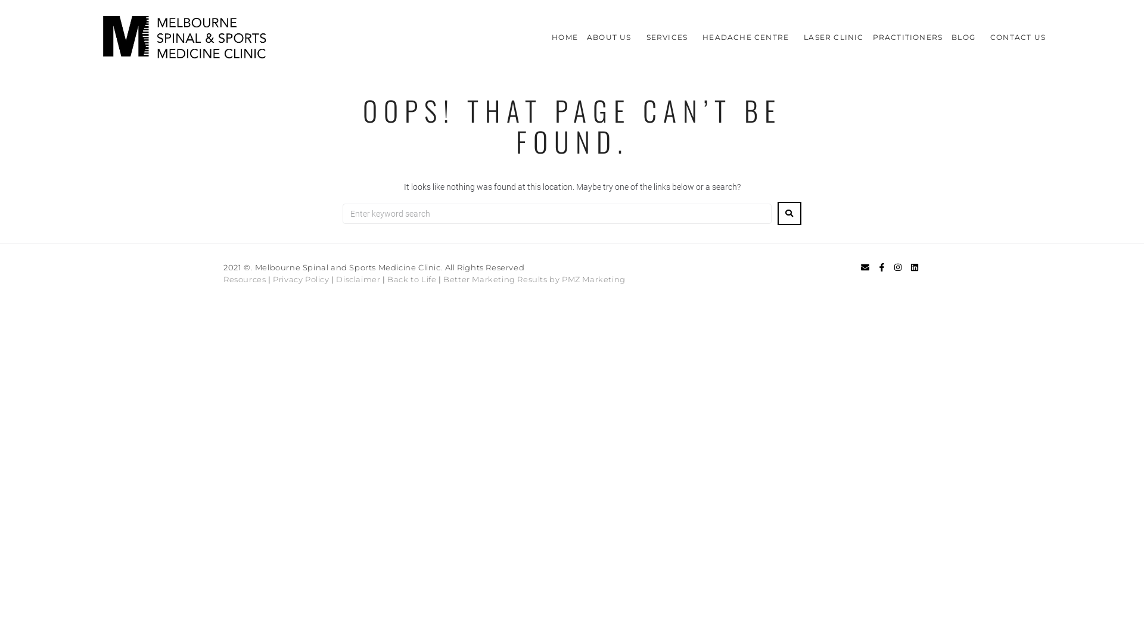 The width and height of the screenshot is (1144, 643). Describe the element at coordinates (300, 279) in the screenshot. I see `'Privacy Policy'` at that location.